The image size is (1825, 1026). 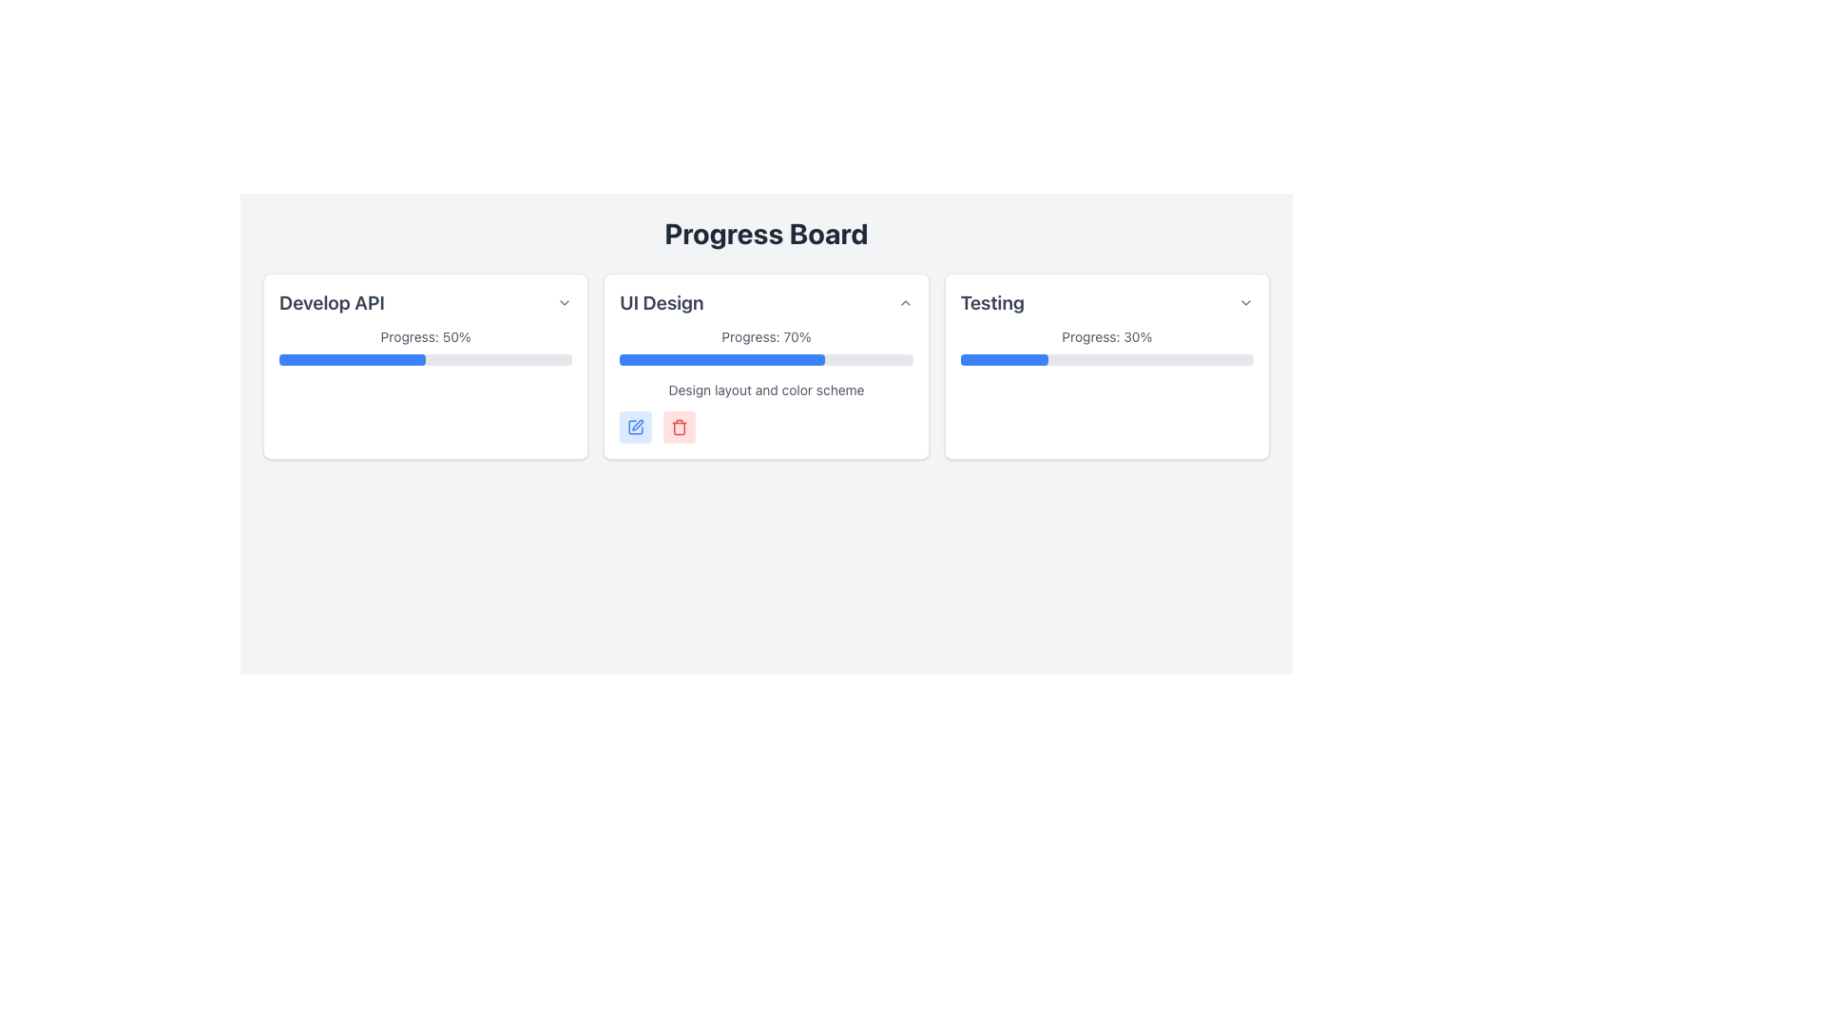 What do you see at coordinates (1106, 359) in the screenshot?
I see `the progress bar that visually represents 30% completion, which is located within the 'Testing' card below the text 'Progress: 30%'` at bounding box center [1106, 359].